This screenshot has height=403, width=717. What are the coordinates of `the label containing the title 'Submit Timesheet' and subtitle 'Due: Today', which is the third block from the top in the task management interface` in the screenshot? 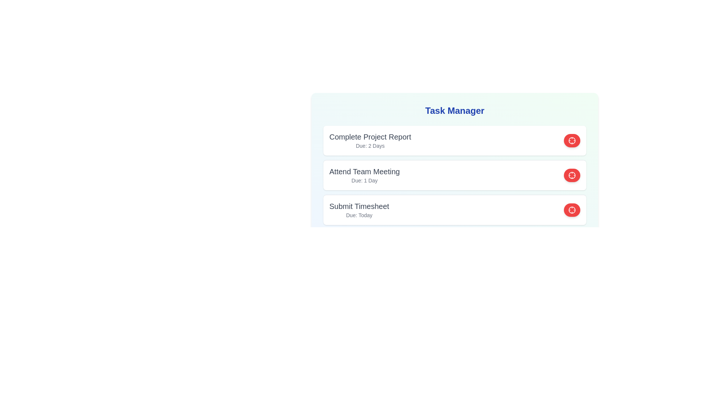 It's located at (359, 210).